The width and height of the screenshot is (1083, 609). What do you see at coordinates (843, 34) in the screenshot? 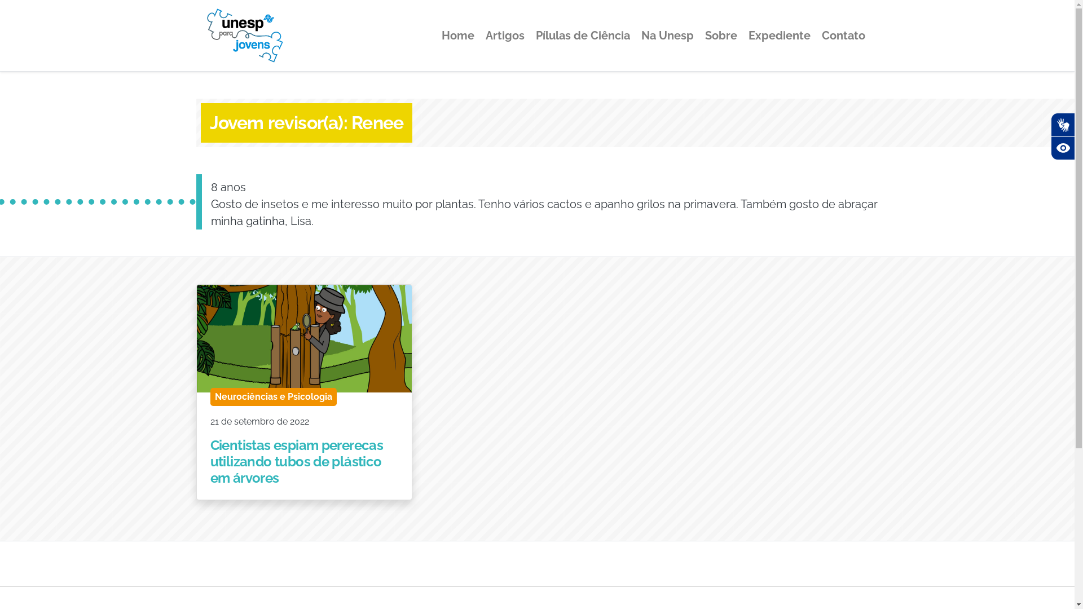
I see `'Contato'` at bounding box center [843, 34].